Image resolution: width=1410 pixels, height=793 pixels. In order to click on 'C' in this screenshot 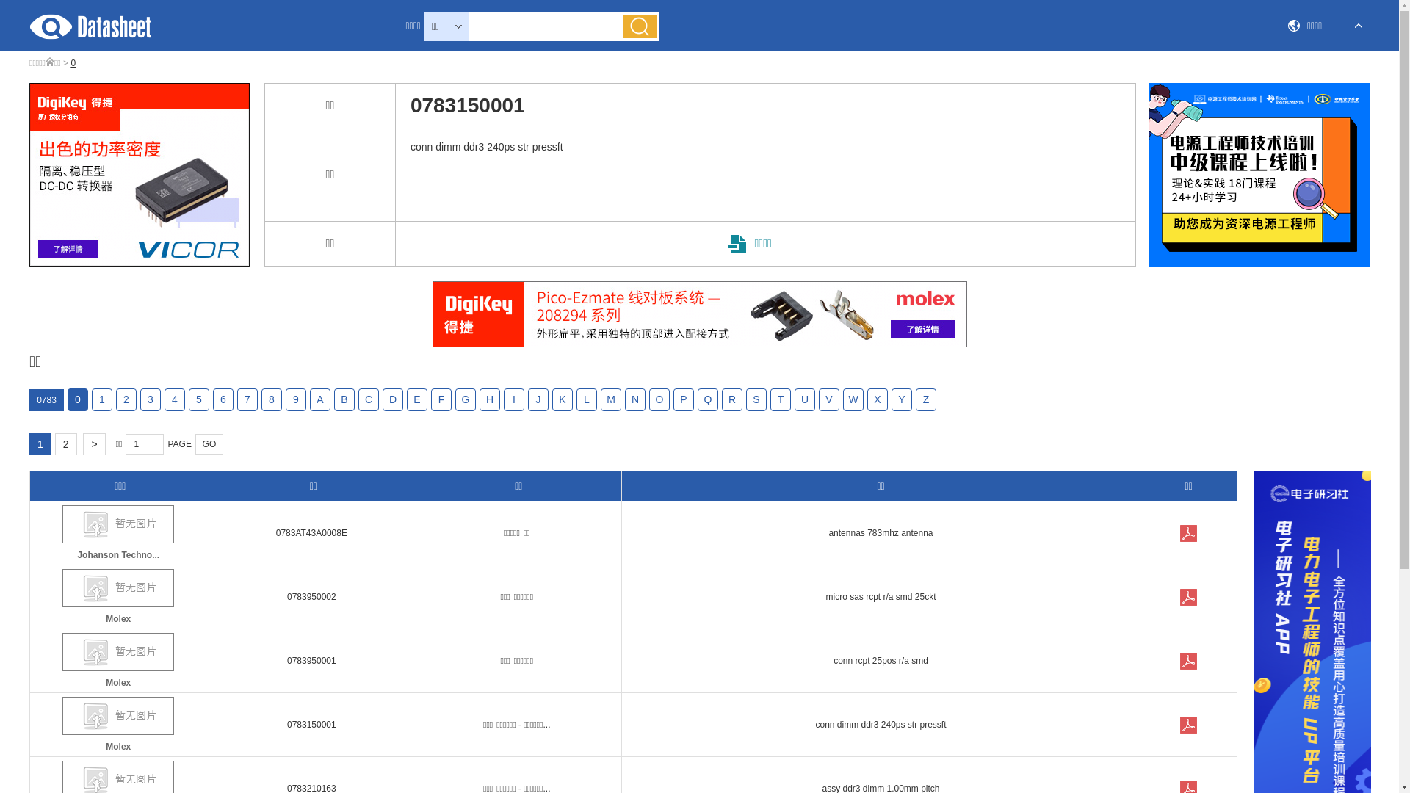, I will do `click(358, 399)`.